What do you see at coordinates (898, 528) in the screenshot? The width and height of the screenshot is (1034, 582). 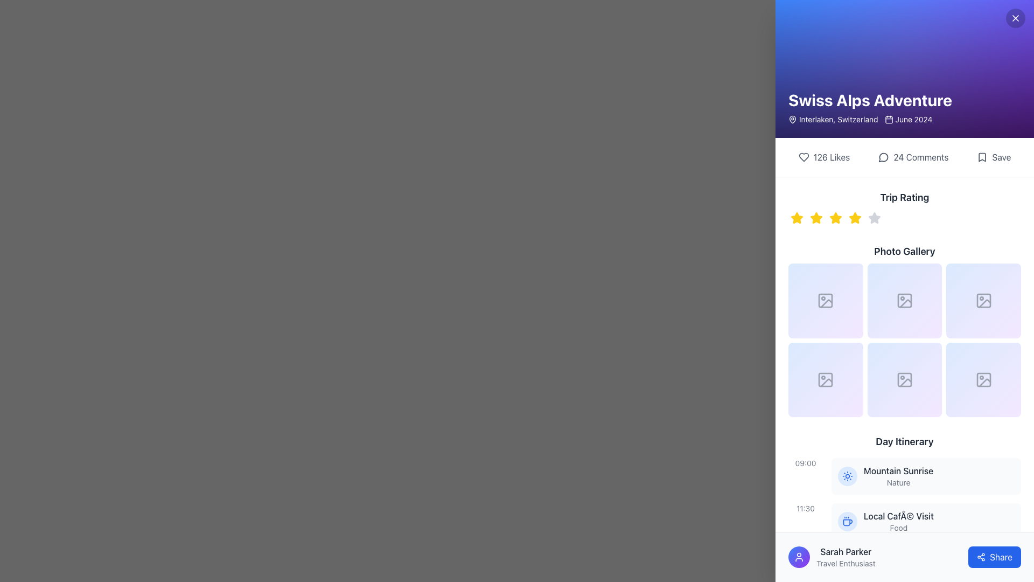 I see `the text label providing additional descriptive information for the 'Local Café Visit' entry in the 'Day Itinerary' section` at bounding box center [898, 528].